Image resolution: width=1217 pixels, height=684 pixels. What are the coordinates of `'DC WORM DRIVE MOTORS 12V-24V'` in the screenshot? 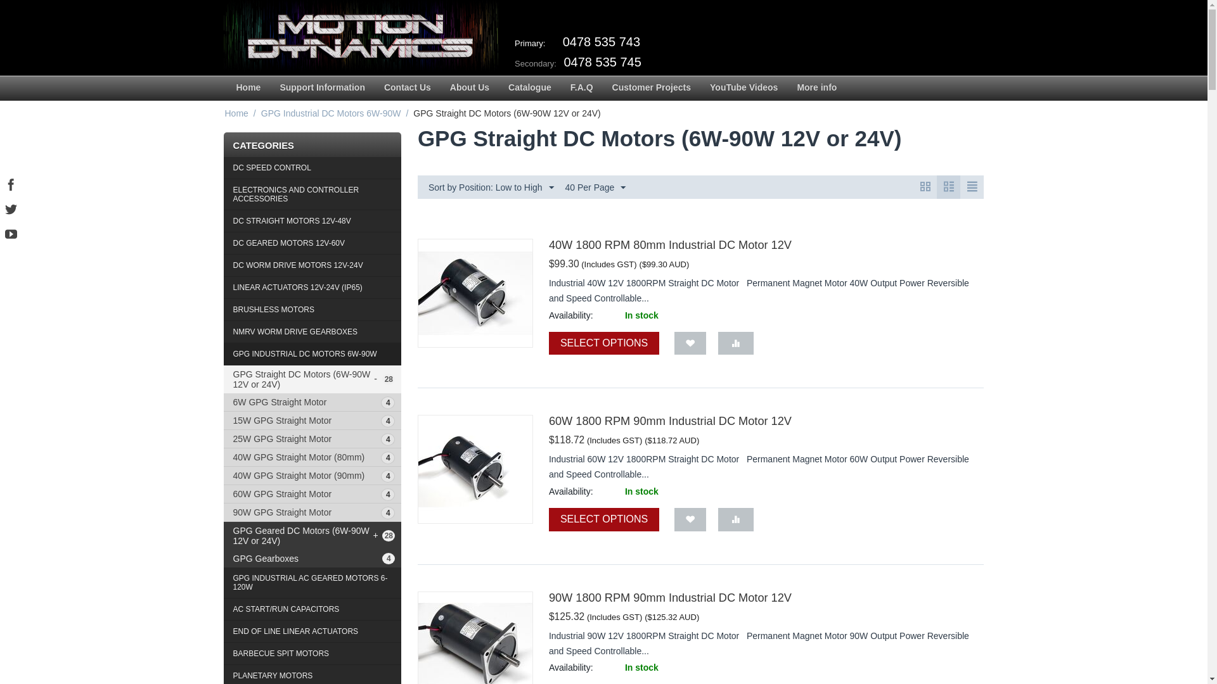 It's located at (312, 265).